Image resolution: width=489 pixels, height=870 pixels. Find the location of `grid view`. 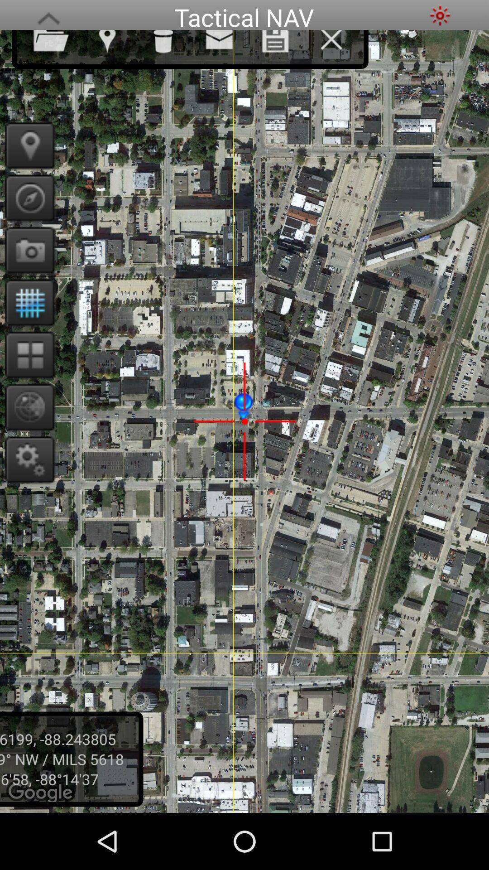

grid view is located at coordinates (26, 354).